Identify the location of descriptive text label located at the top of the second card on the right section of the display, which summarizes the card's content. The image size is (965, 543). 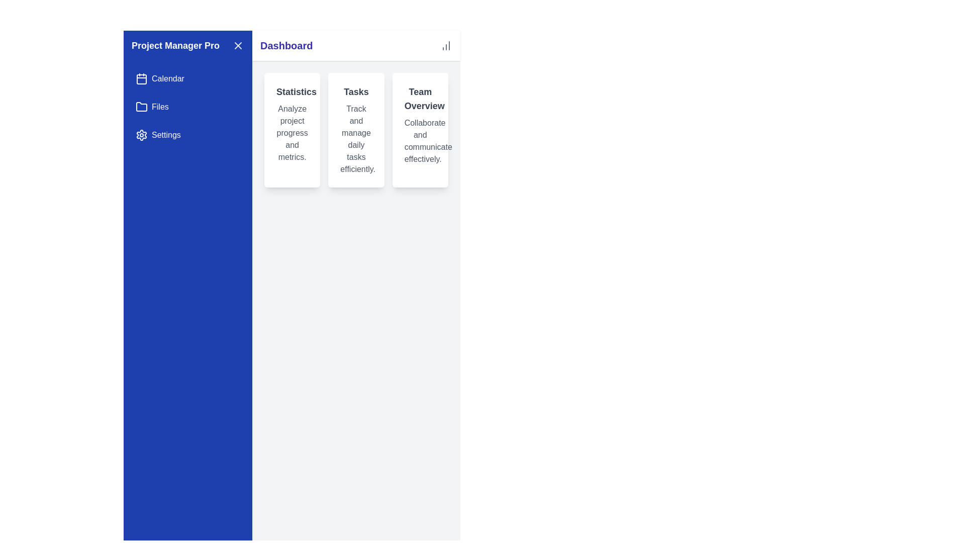
(356, 92).